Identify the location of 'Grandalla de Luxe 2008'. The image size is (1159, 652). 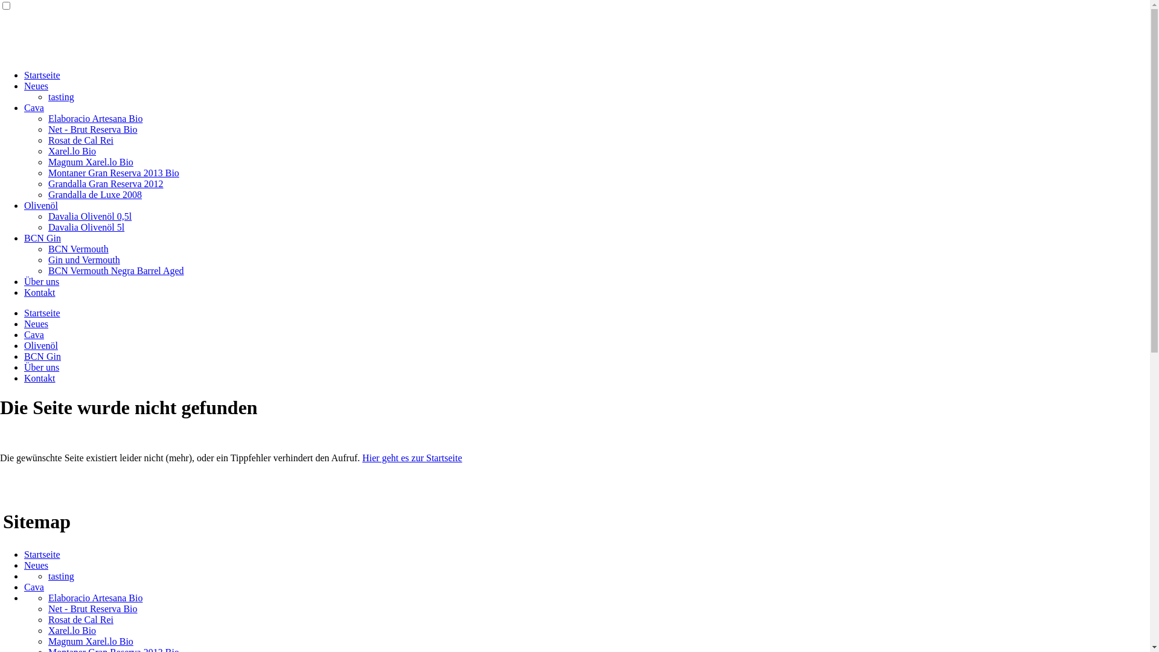
(94, 194).